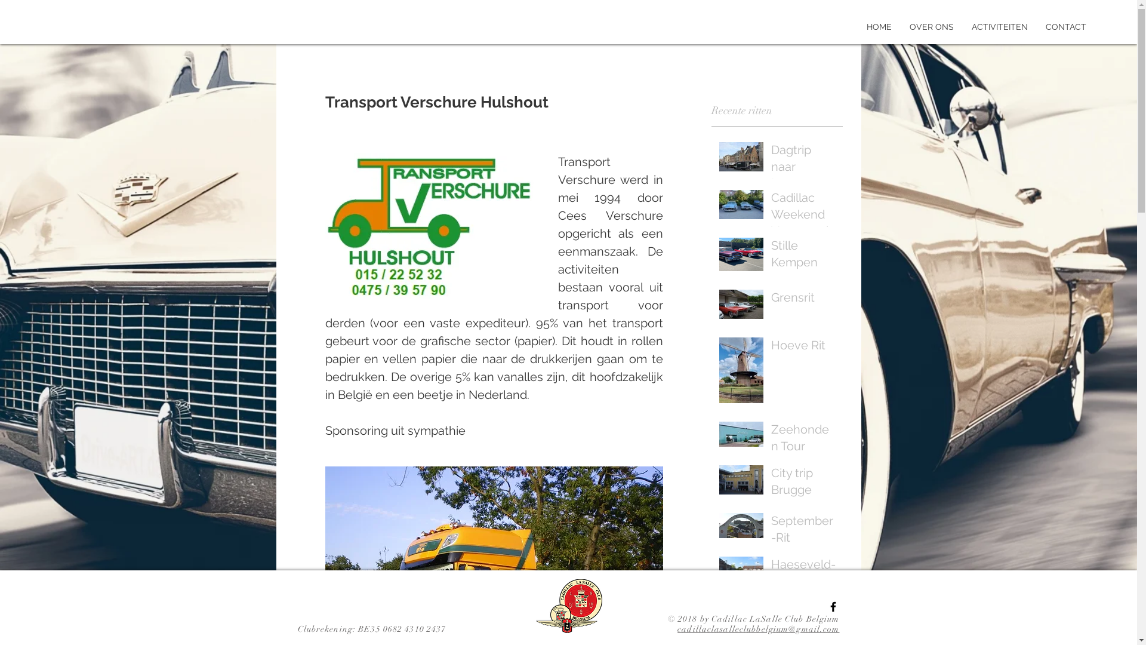  What do you see at coordinates (879, 27) in the screenshot?
I see `'HOME'` at bounding box center [879, 27].